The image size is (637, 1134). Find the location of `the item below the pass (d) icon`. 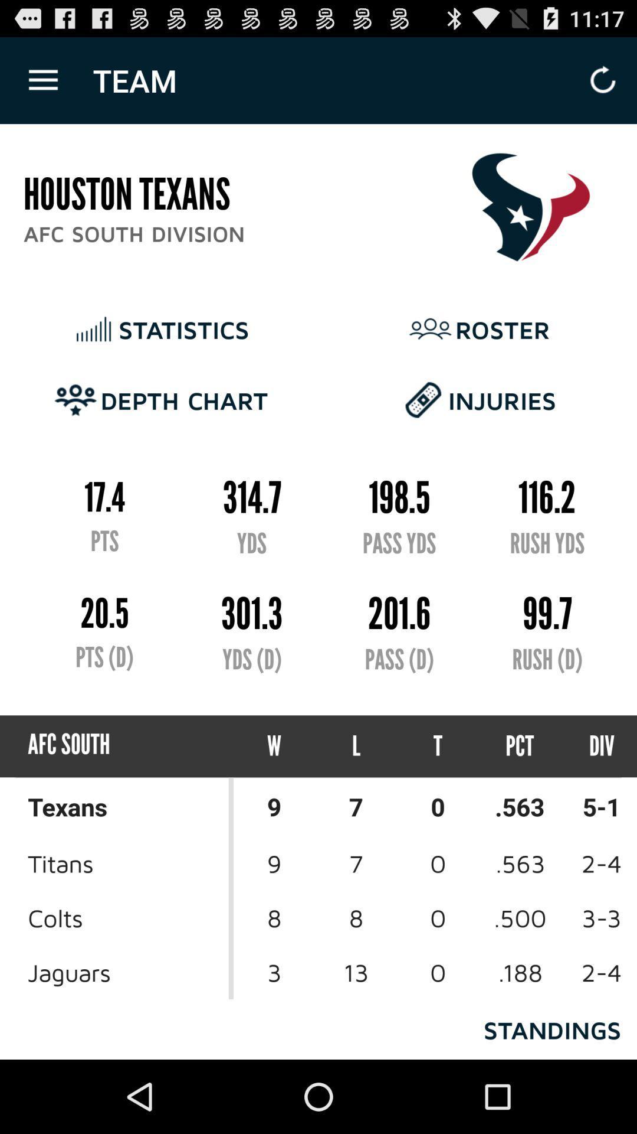

the item below the pass (d) icon is located at coordinates (356, 745).